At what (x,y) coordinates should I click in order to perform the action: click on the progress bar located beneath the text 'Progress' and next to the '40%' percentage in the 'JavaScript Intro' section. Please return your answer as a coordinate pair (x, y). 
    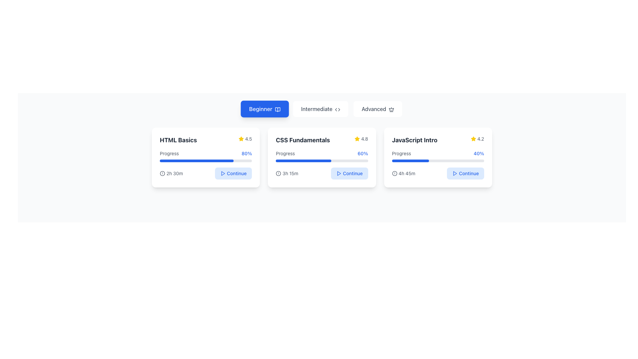
    Looking at the image, I should click on (438, 161).